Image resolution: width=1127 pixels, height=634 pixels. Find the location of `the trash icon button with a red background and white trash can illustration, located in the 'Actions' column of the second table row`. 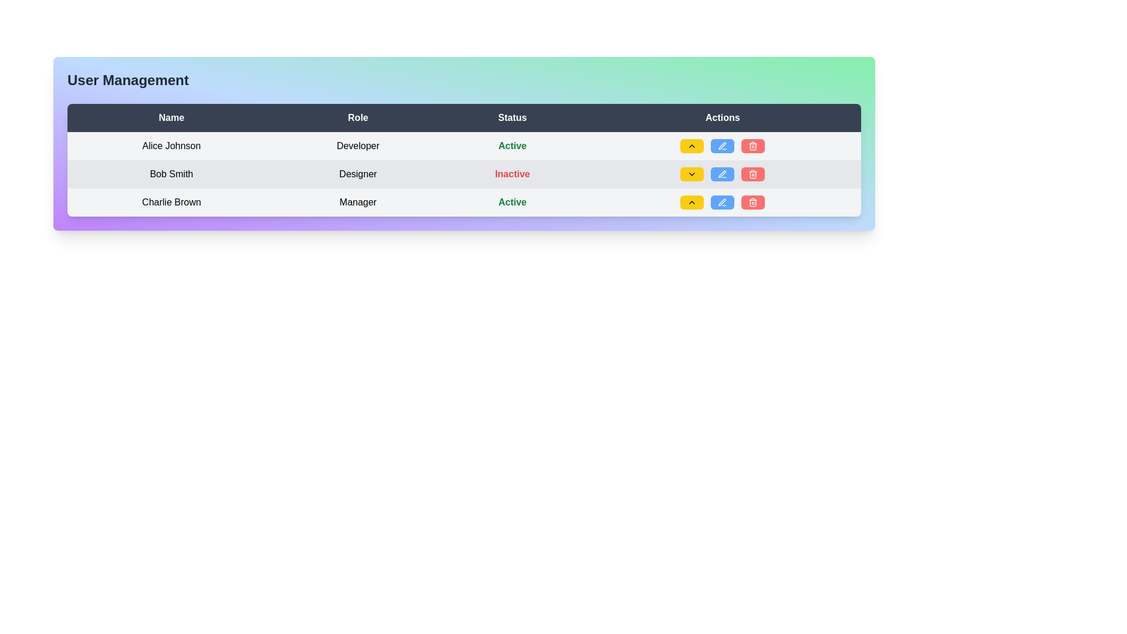

the trash icon button with a red background and white trash can illustration, located in the 'Actions' column of the second table row is located at coordinates (753, 146).